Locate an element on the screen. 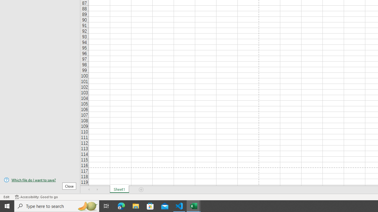  'Accessibility Checker Accessibility: Good to go' is located at coordinates (36, 197).